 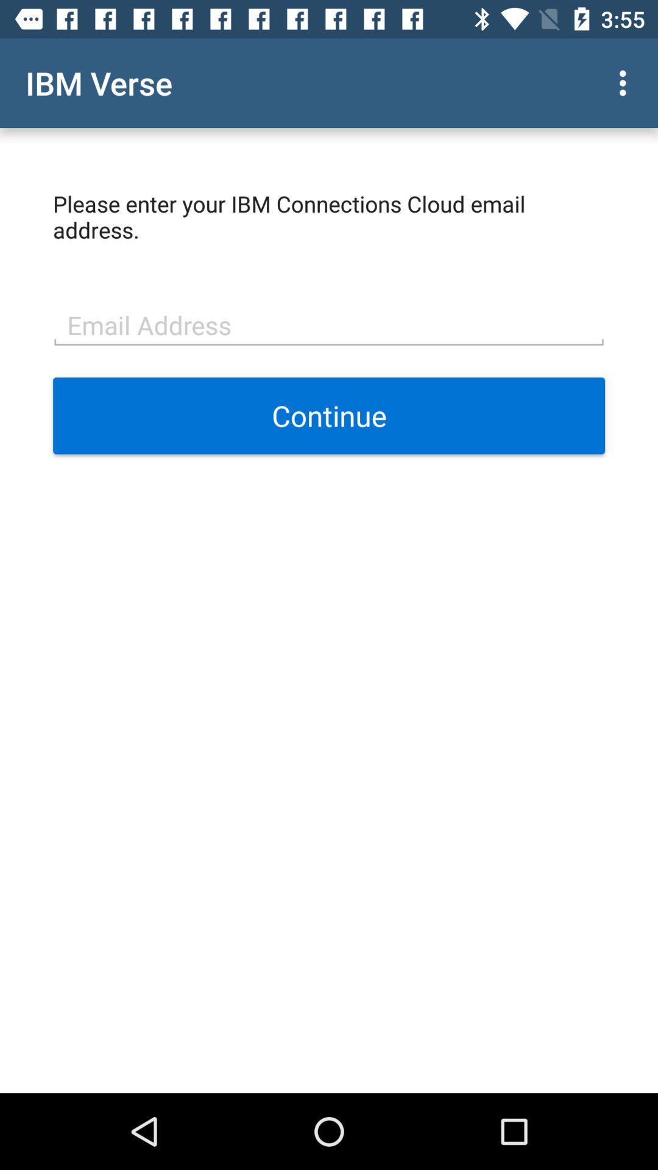 I want to click on the continue icon, so click(x=329, y=416).